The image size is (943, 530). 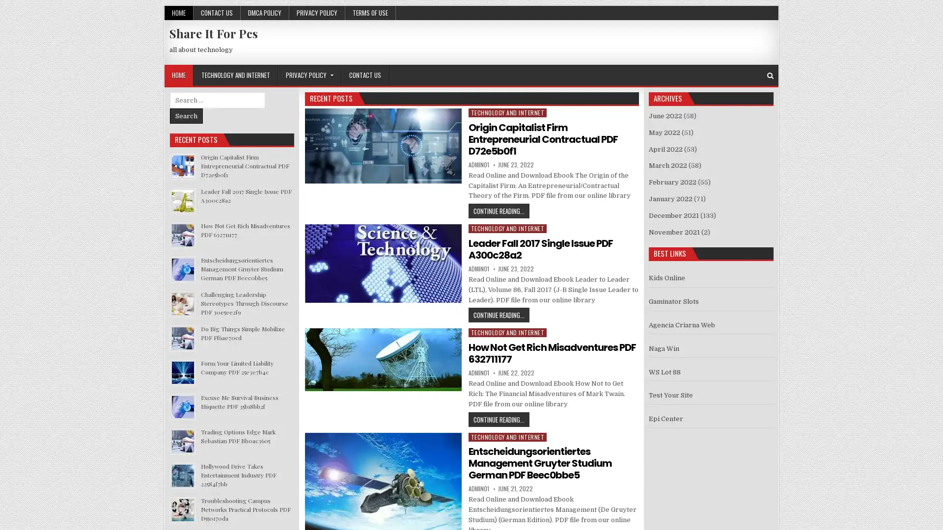 What do you see at coordinates (186, 115) in the screenshot?
I see `Search` at bounding box center [186, 115].